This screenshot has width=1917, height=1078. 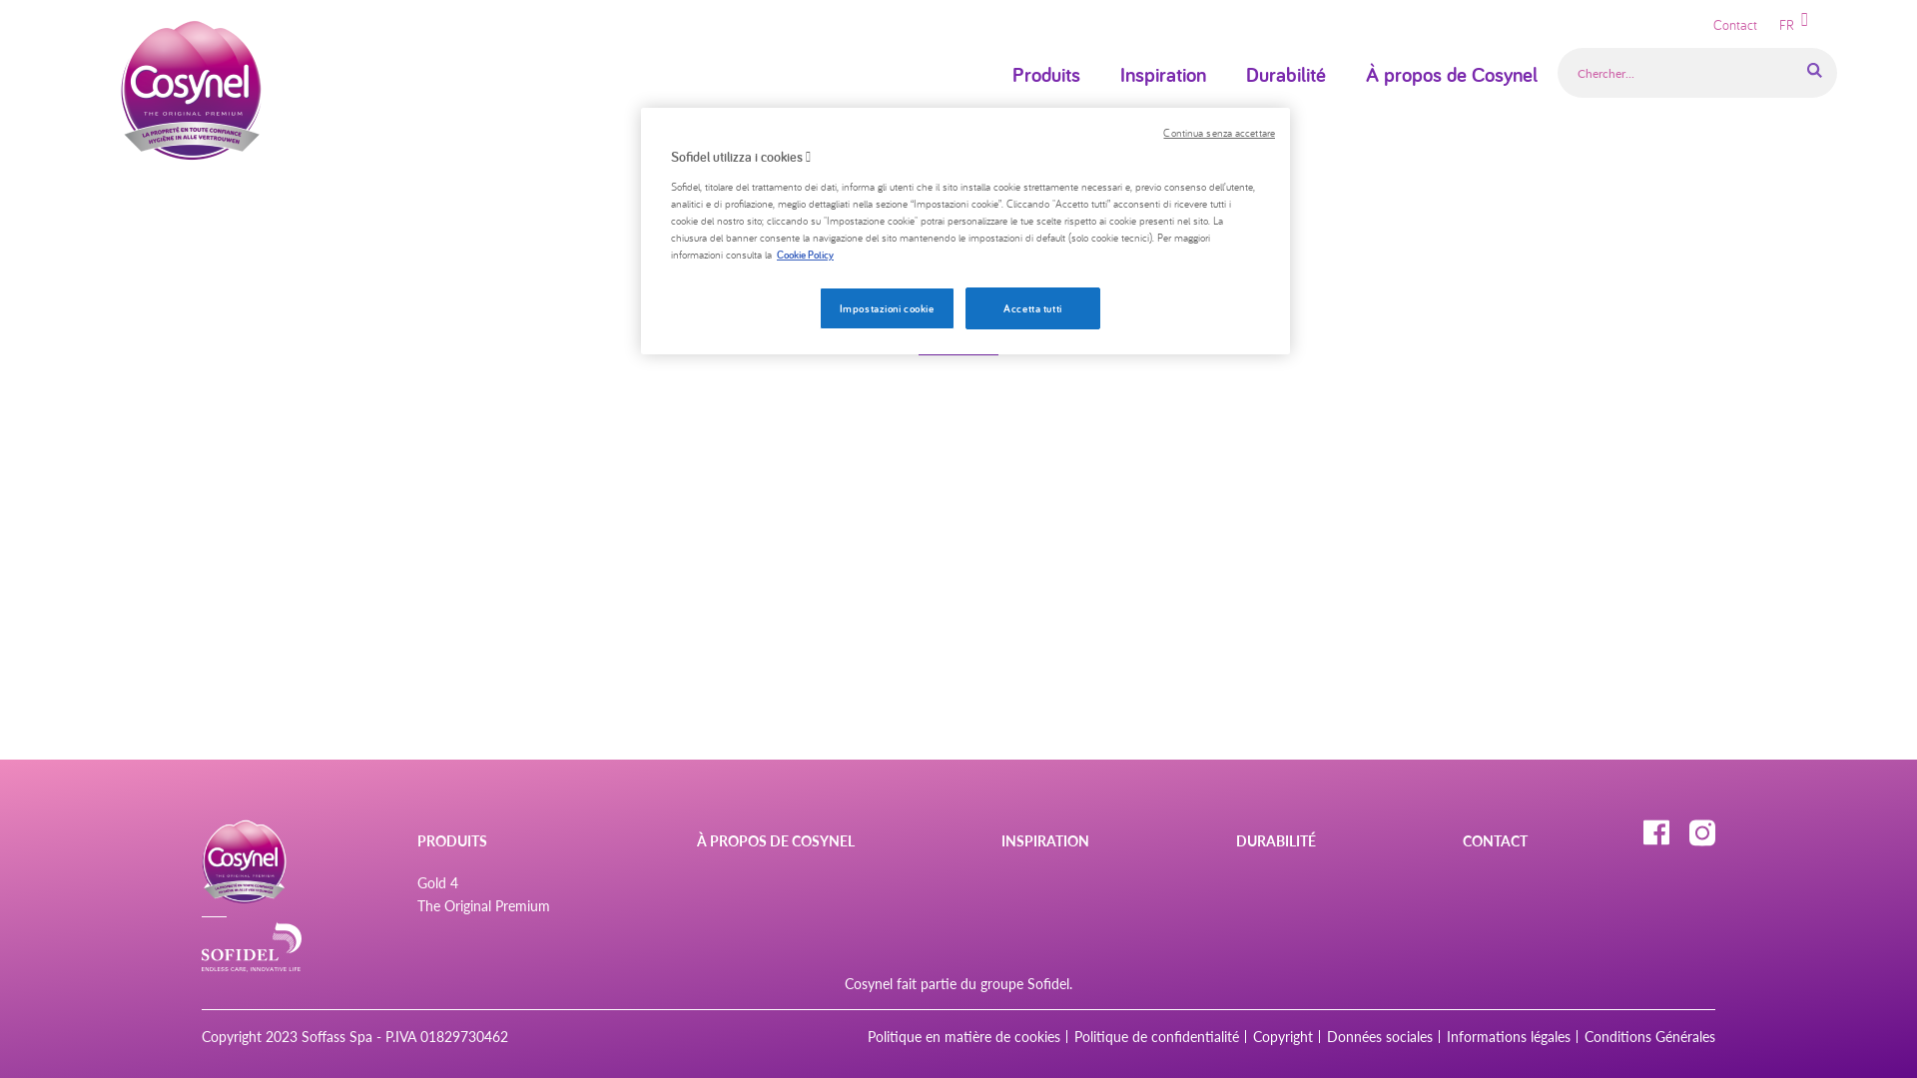 What do you see at coordinates (805, 253) in the screenshot?
I see `'Cookie Policy'` at bounding box center [805, 253].